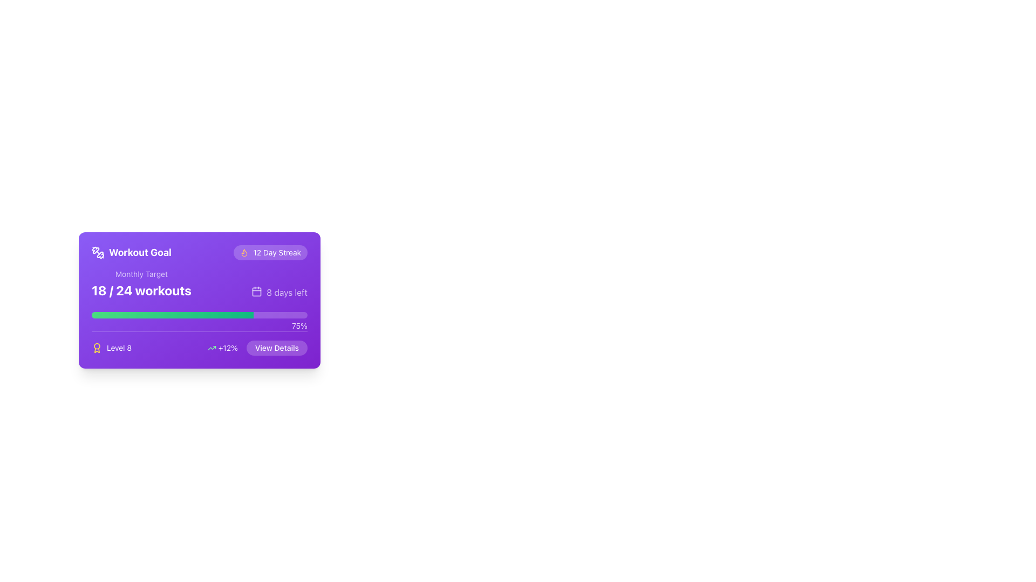 This screenshot has width=1036, height=582. What do you see at coordinates (141, 290) in the screenshot?
I see `the text label displaying '18 / 24 workouts' in bold white font, located beneath the 'Monthly Target' label in the 'Workout Goal' card` at bounding box center [141, 290].